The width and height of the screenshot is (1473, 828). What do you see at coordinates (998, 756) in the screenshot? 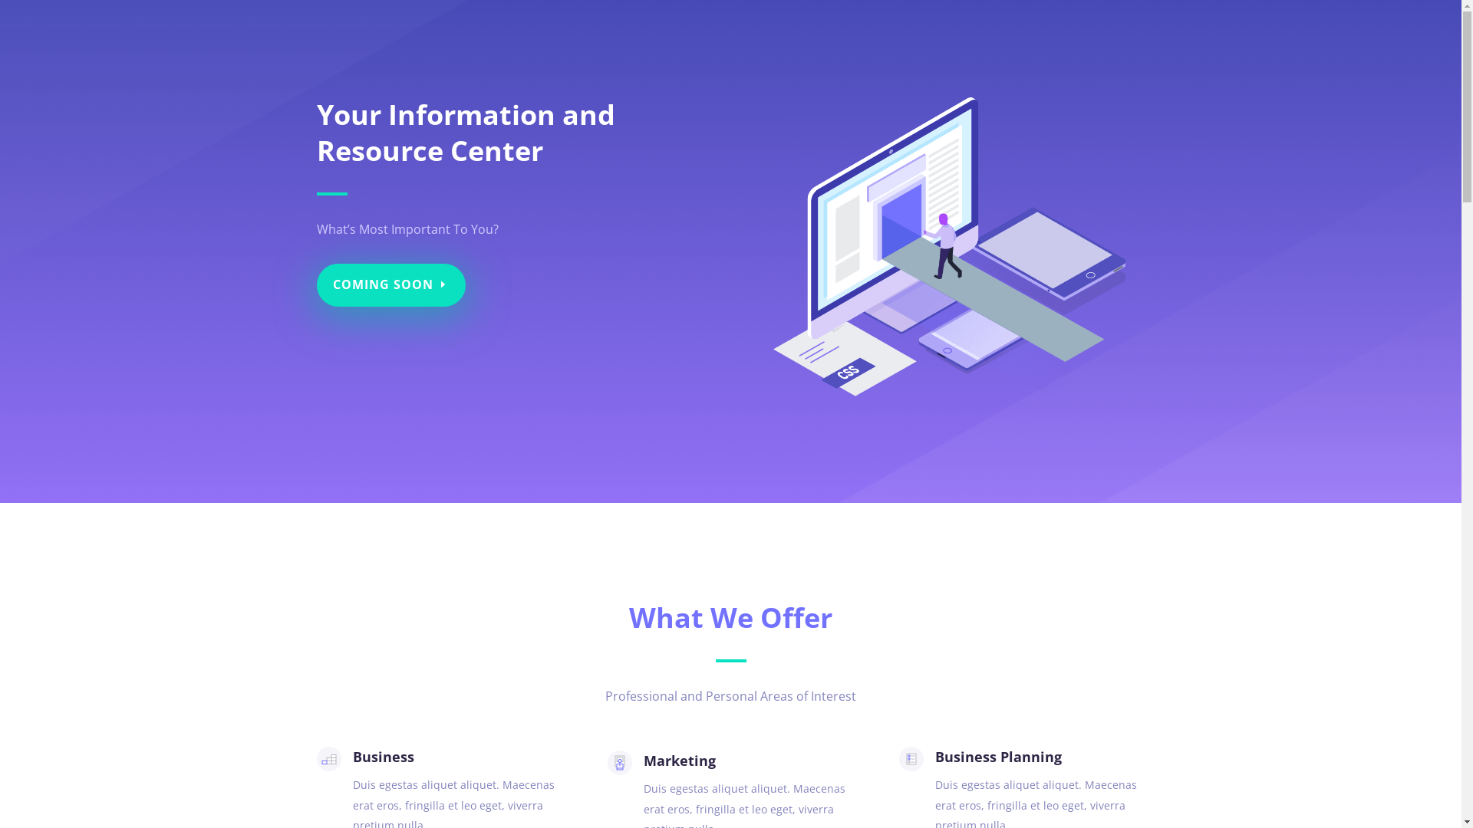
I see `'Business Planning'` at bounding box center [998, 756].